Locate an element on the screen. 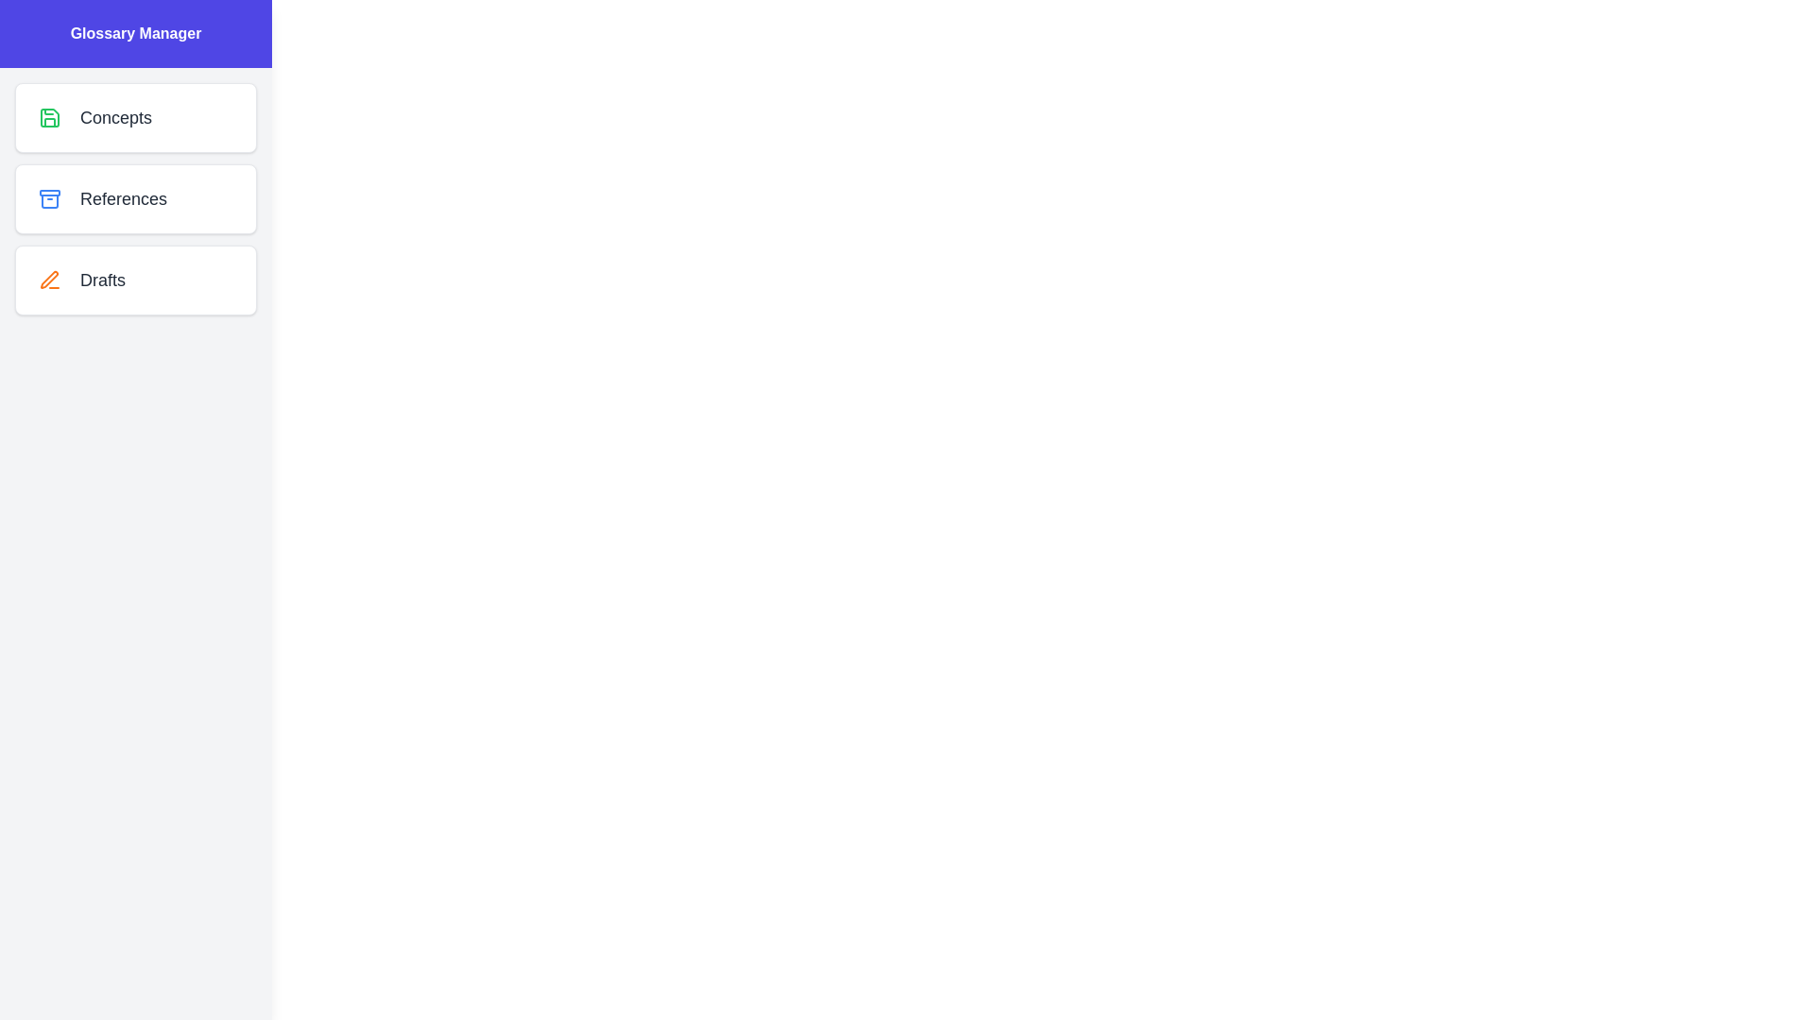 Image resolution: width=1814 pixels, height=1020 pixels. the list item corresponding to the category References is located at coordinates (135, 199).